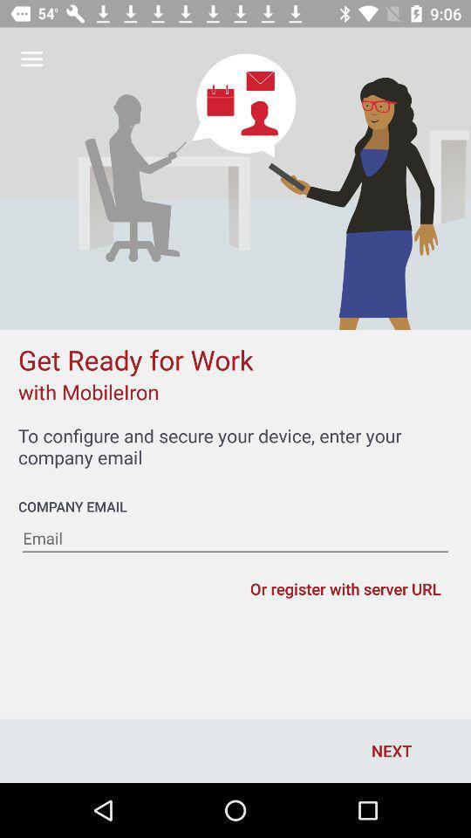  I want to click on email address, so click(235, 538).